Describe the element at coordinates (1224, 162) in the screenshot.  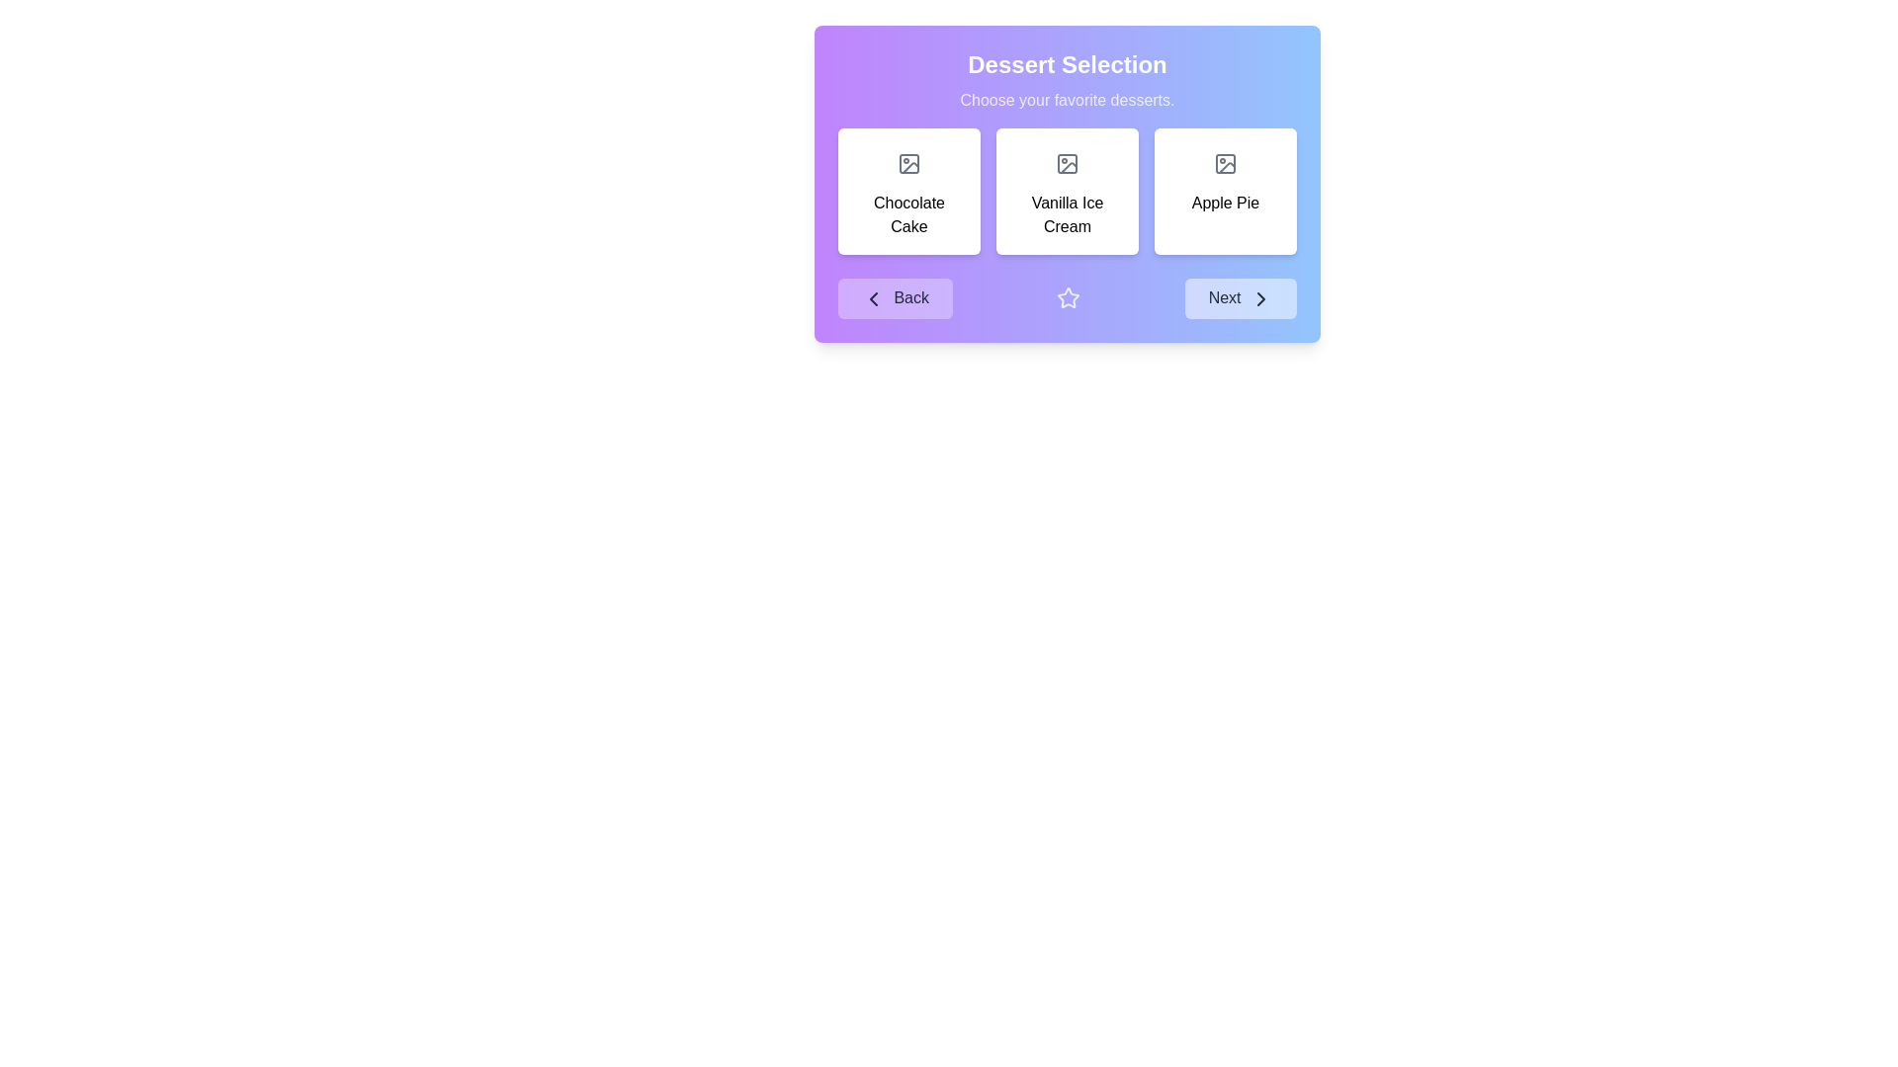
I see `the Image placeholder icon located at the top center of the 'Apple Pie' card in the dessert options grid` at that location.